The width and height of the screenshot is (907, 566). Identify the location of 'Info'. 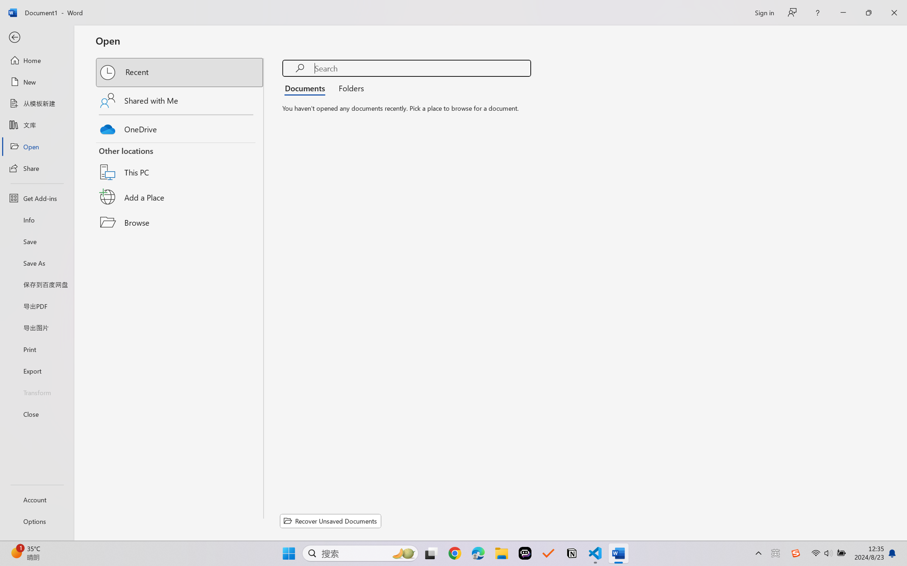
(36, 219).